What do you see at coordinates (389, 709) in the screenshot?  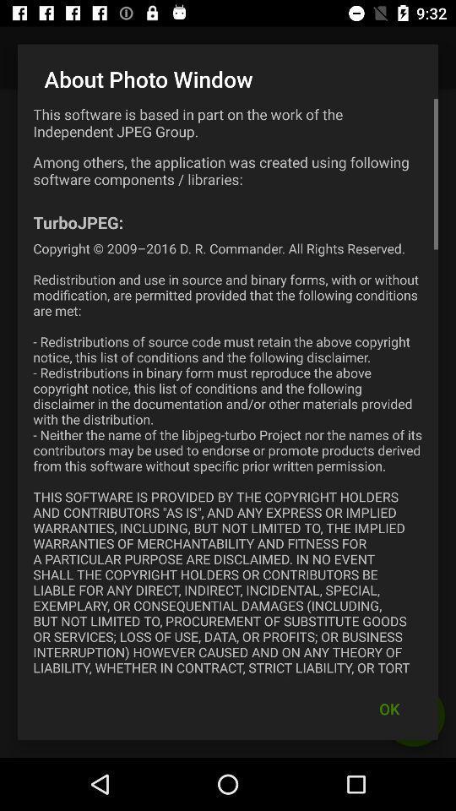 I see `the ok at the bottom right corner` at bounding box center [389, 709].